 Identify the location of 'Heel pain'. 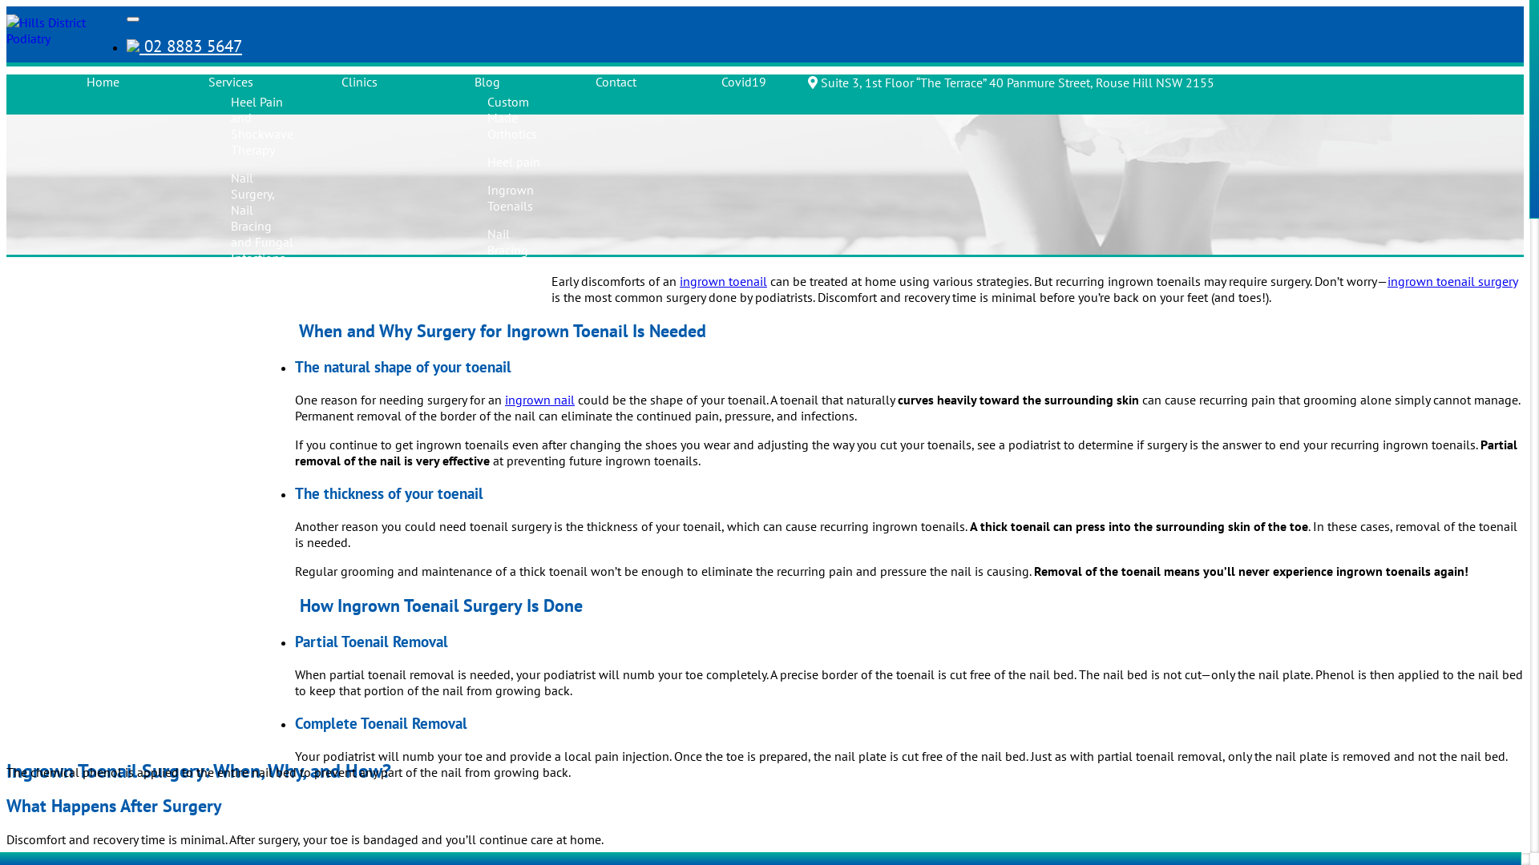
(514, 161).